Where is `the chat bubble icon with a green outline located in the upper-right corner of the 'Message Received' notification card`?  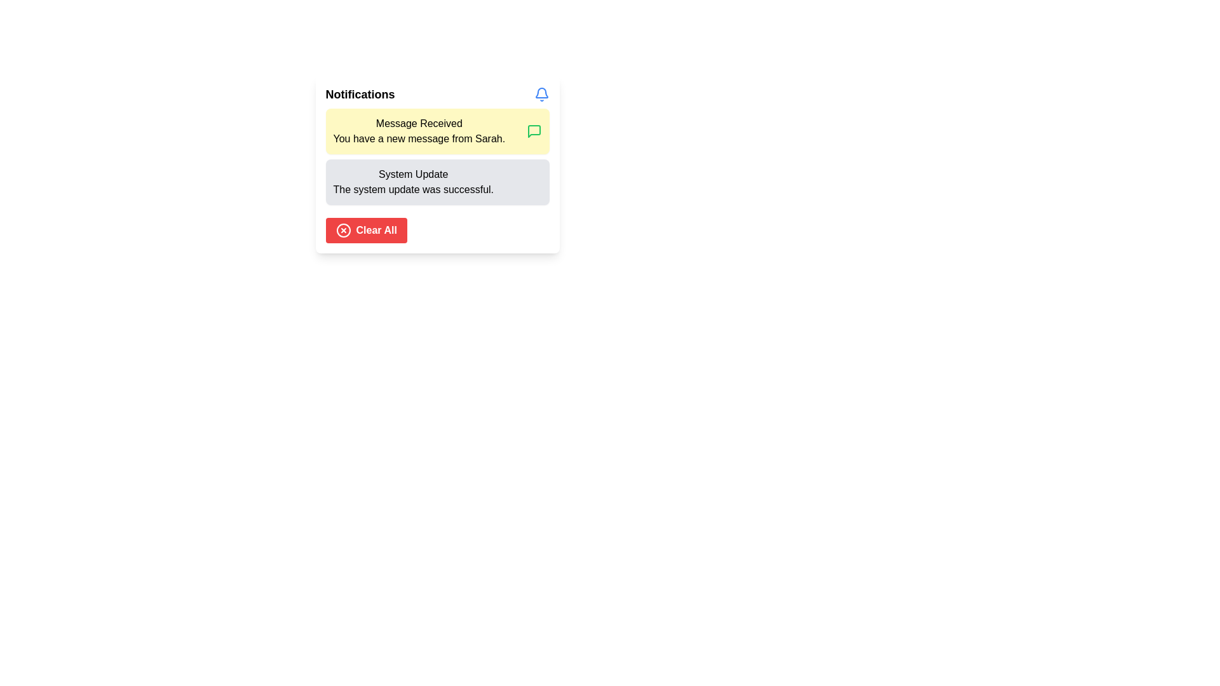 the chat bubble icon with a green outline located in the upper-right corner of the 'Message Received' notification card is located at coordinates (534, 131).